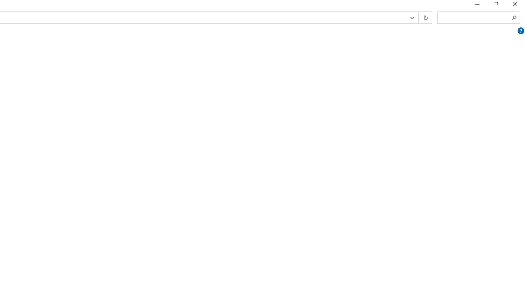 The height and width of the screenshot is (295, 525). What do you see at coordinates (477, 6) in the screenshot?
I see `'Minimize'` at bounding box center [477, 6].